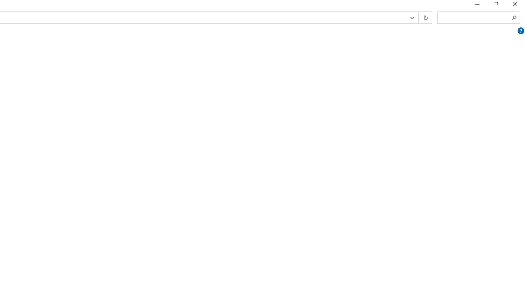 The height and width of the screenshot is (295, 525). What do you see at coordinates (477, 6) in the screenshot?
I see `'Minimize'` at bounding box center [477, 6].